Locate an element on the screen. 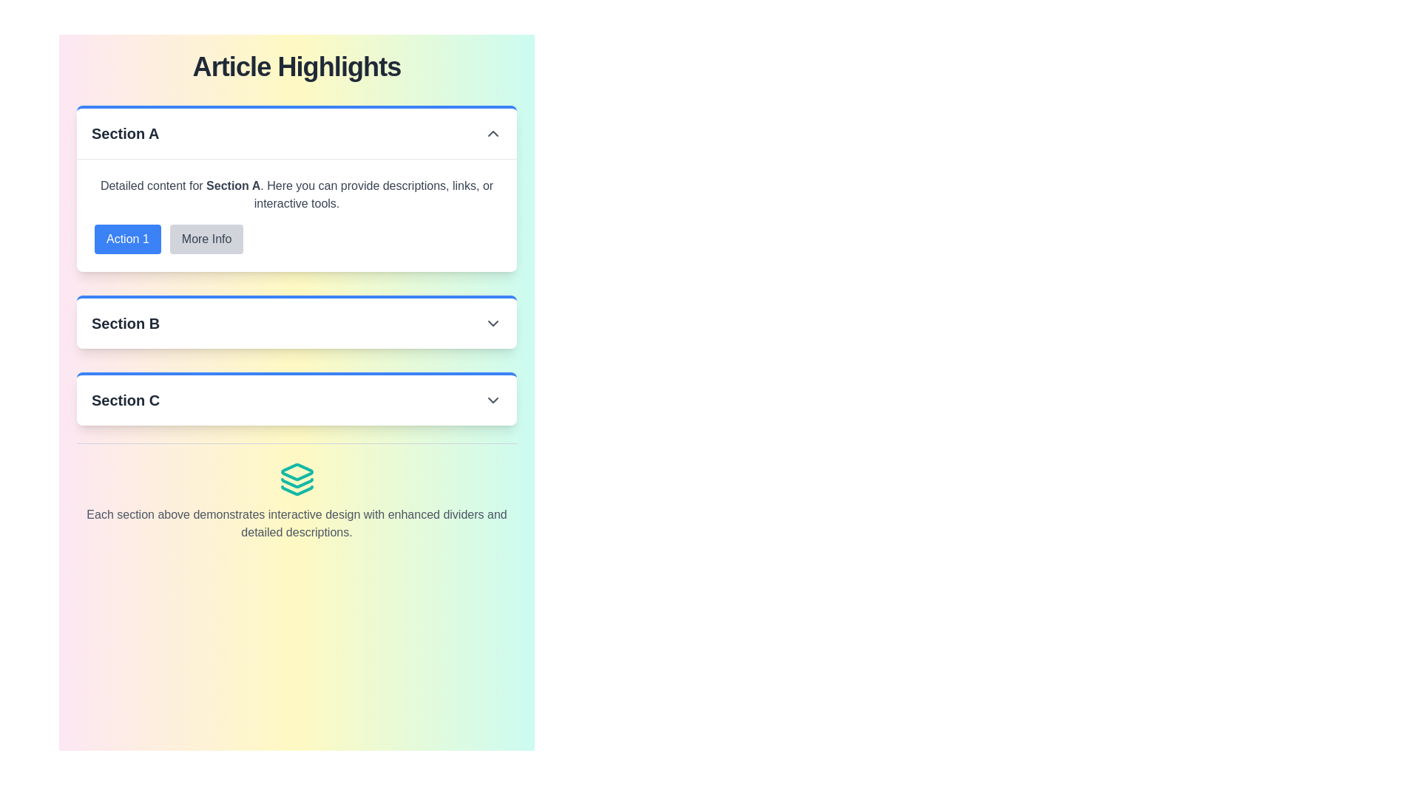  the 'More Info' button, which is a rectangular button with a light gray background and rounded corners, located to the right of the 'Action 1' button in 'Section A' is located at coordinates (206, 239).